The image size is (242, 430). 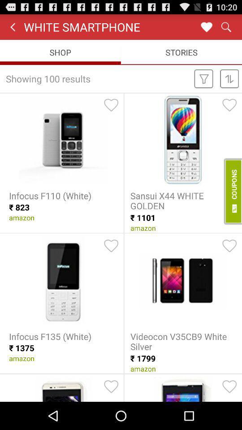 What do you see at coordinates (12, 29) in the screenshot?
I see `the arrow_backward icon` at bounding box center [12, 29].